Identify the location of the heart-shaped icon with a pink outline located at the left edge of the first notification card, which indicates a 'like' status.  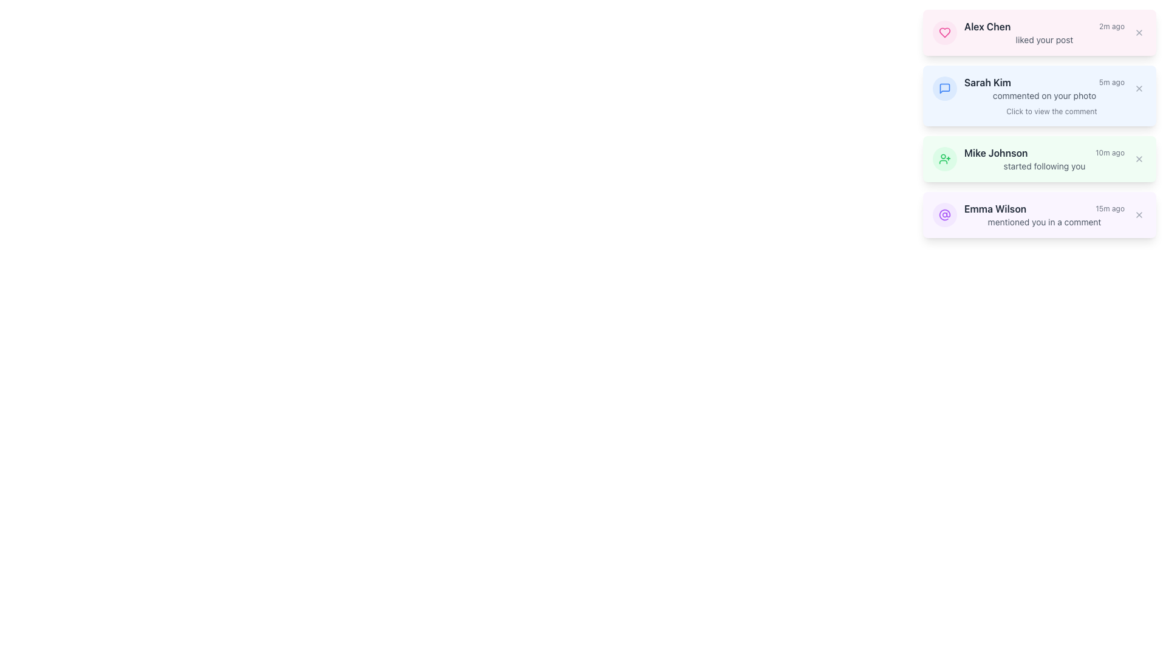
(944, 32).